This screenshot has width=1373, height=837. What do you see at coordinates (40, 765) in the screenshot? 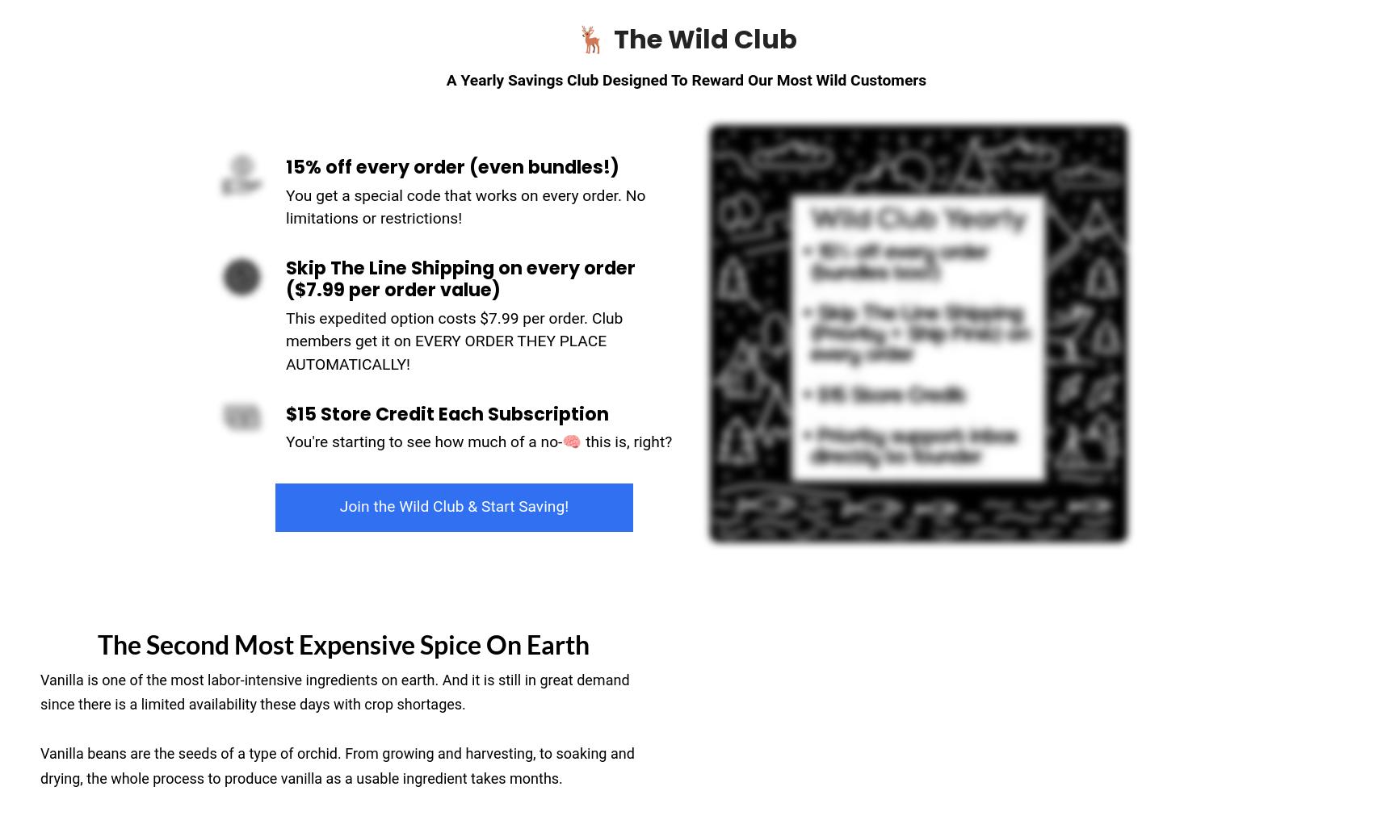
I see `'Vanilla beans are the seeds of a type of orchid. From growing and harvesting, to soaking and drying, the whole process to produce vanilla as a usable ingredient takes months.'` at bounding box center [40, 765].